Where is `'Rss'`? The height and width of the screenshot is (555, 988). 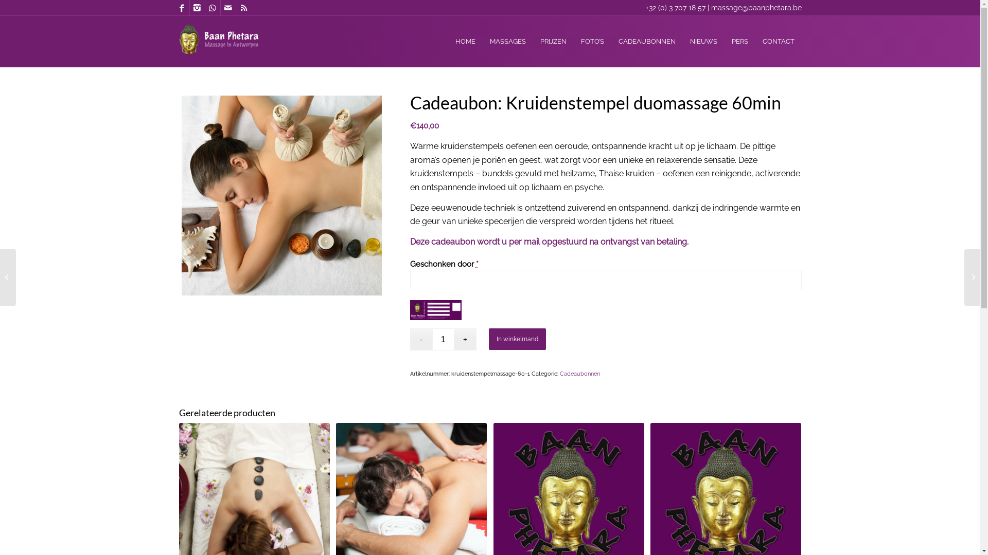 'Rss' is located at coordinates (243, 8).